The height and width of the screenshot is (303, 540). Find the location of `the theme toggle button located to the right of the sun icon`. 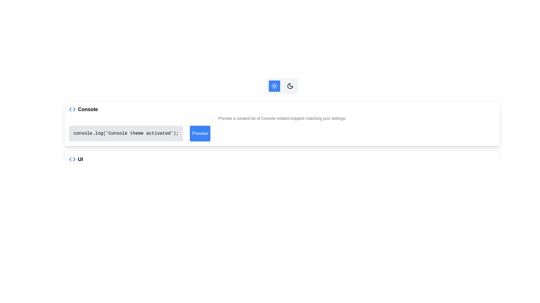

the theme toggle button located to the right of the sun icon is located at coordinates (290, 86).